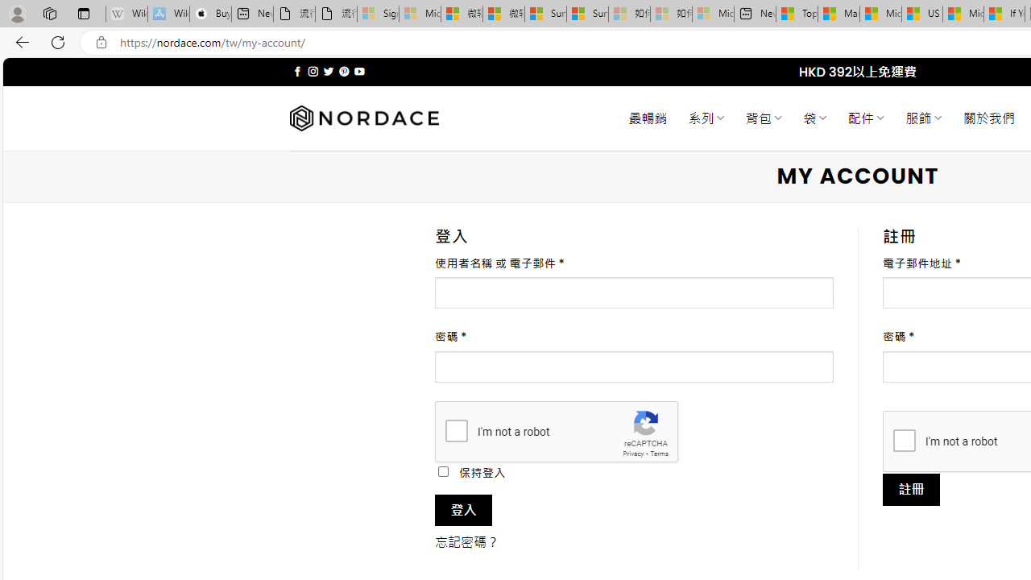 The image size is (1031, 580). I want to click on 'Buy iPad - Apple', so click(209, 14).